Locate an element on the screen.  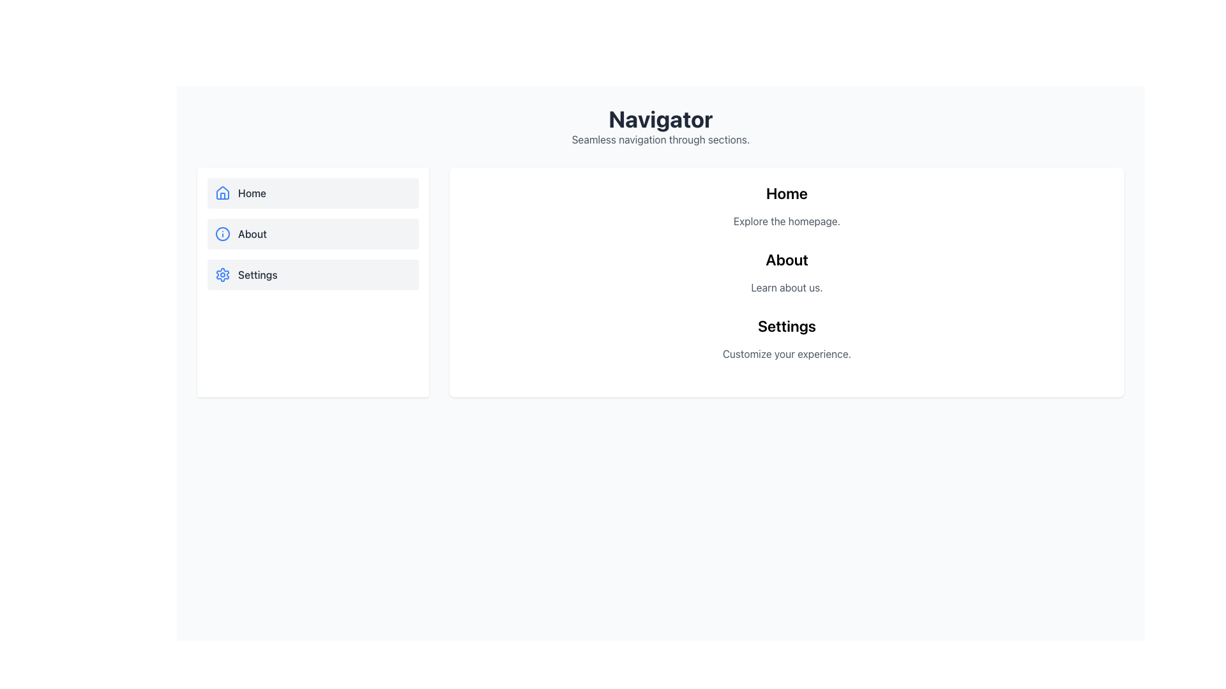
the text header and sub-header element that describes the settings or customization section, located below the 'About' section in the list is located at coordinates (786, 338).